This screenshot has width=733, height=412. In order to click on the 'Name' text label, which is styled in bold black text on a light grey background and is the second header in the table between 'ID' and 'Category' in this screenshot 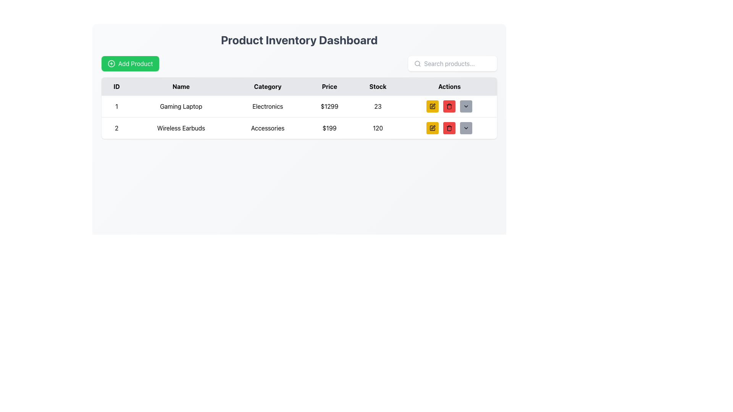, I will do `click(181, 86)`.